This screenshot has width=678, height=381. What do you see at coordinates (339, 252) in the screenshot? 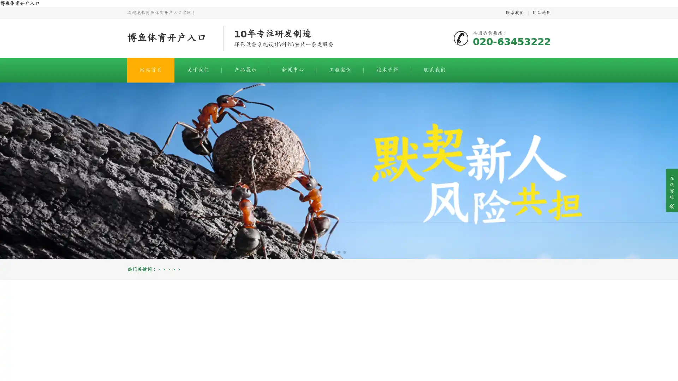
I see `Go to slide 2` at bounding box center [339, 252].